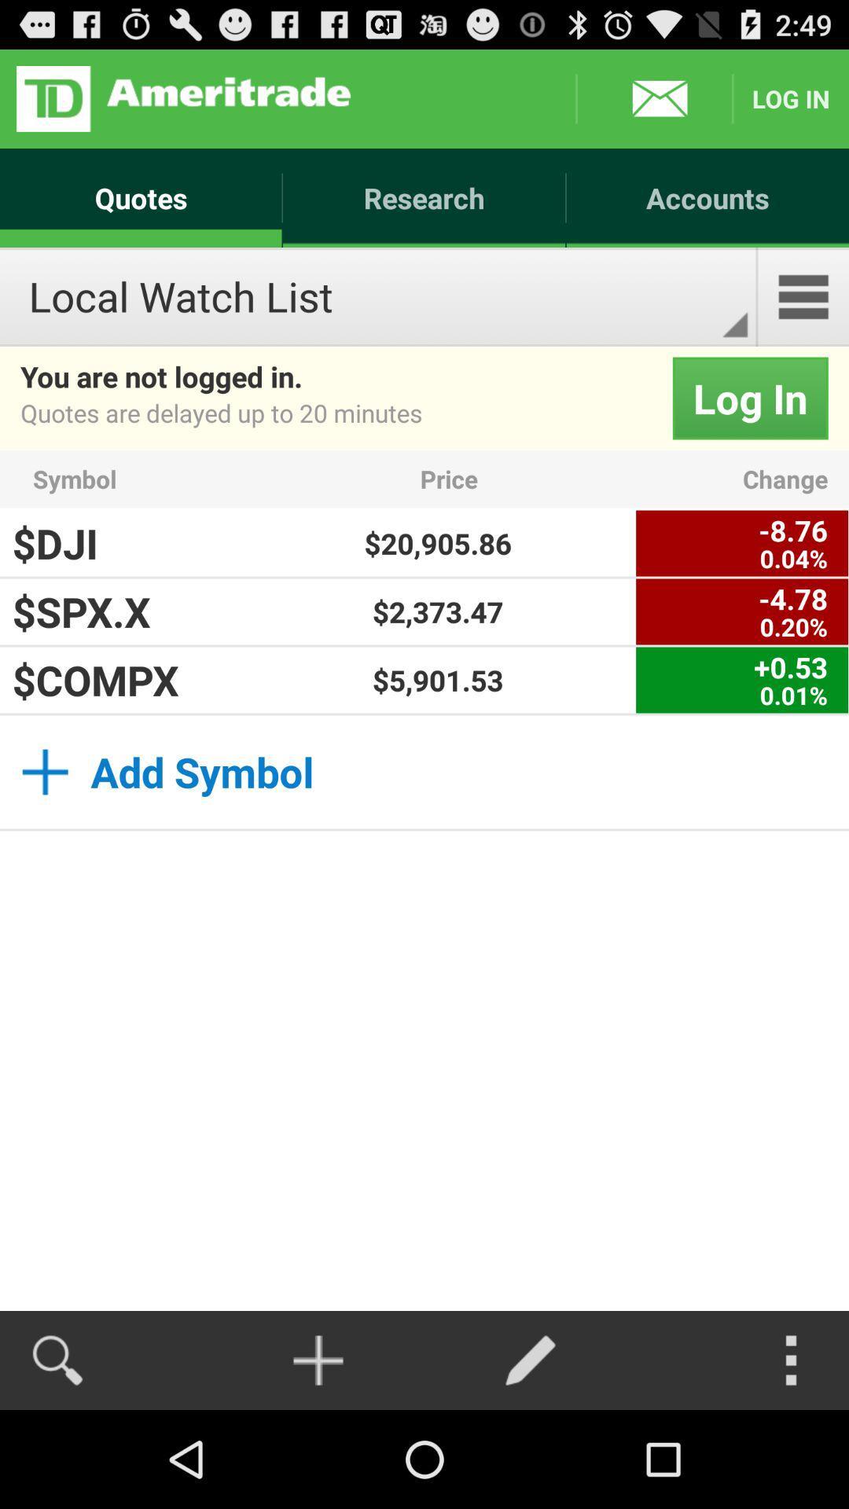 The width and height of the screenshot is (849, 1509). Describe the element at coordinates (115, 611) in the screenshot. I see `the $spx.x item` at that location.